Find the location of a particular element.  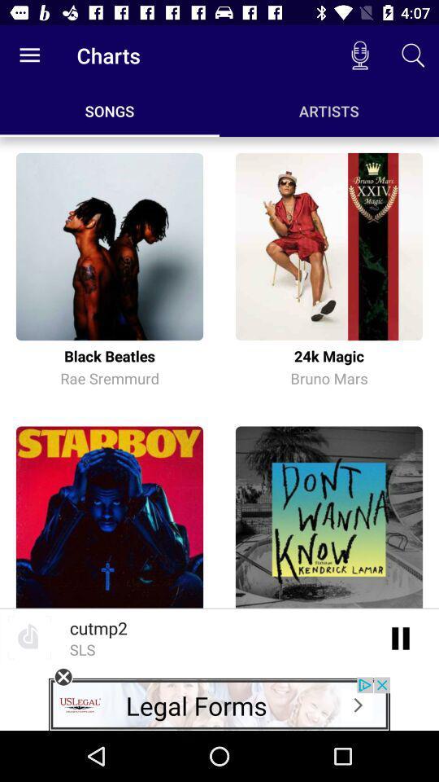

play is located at coordinates (400, 637).